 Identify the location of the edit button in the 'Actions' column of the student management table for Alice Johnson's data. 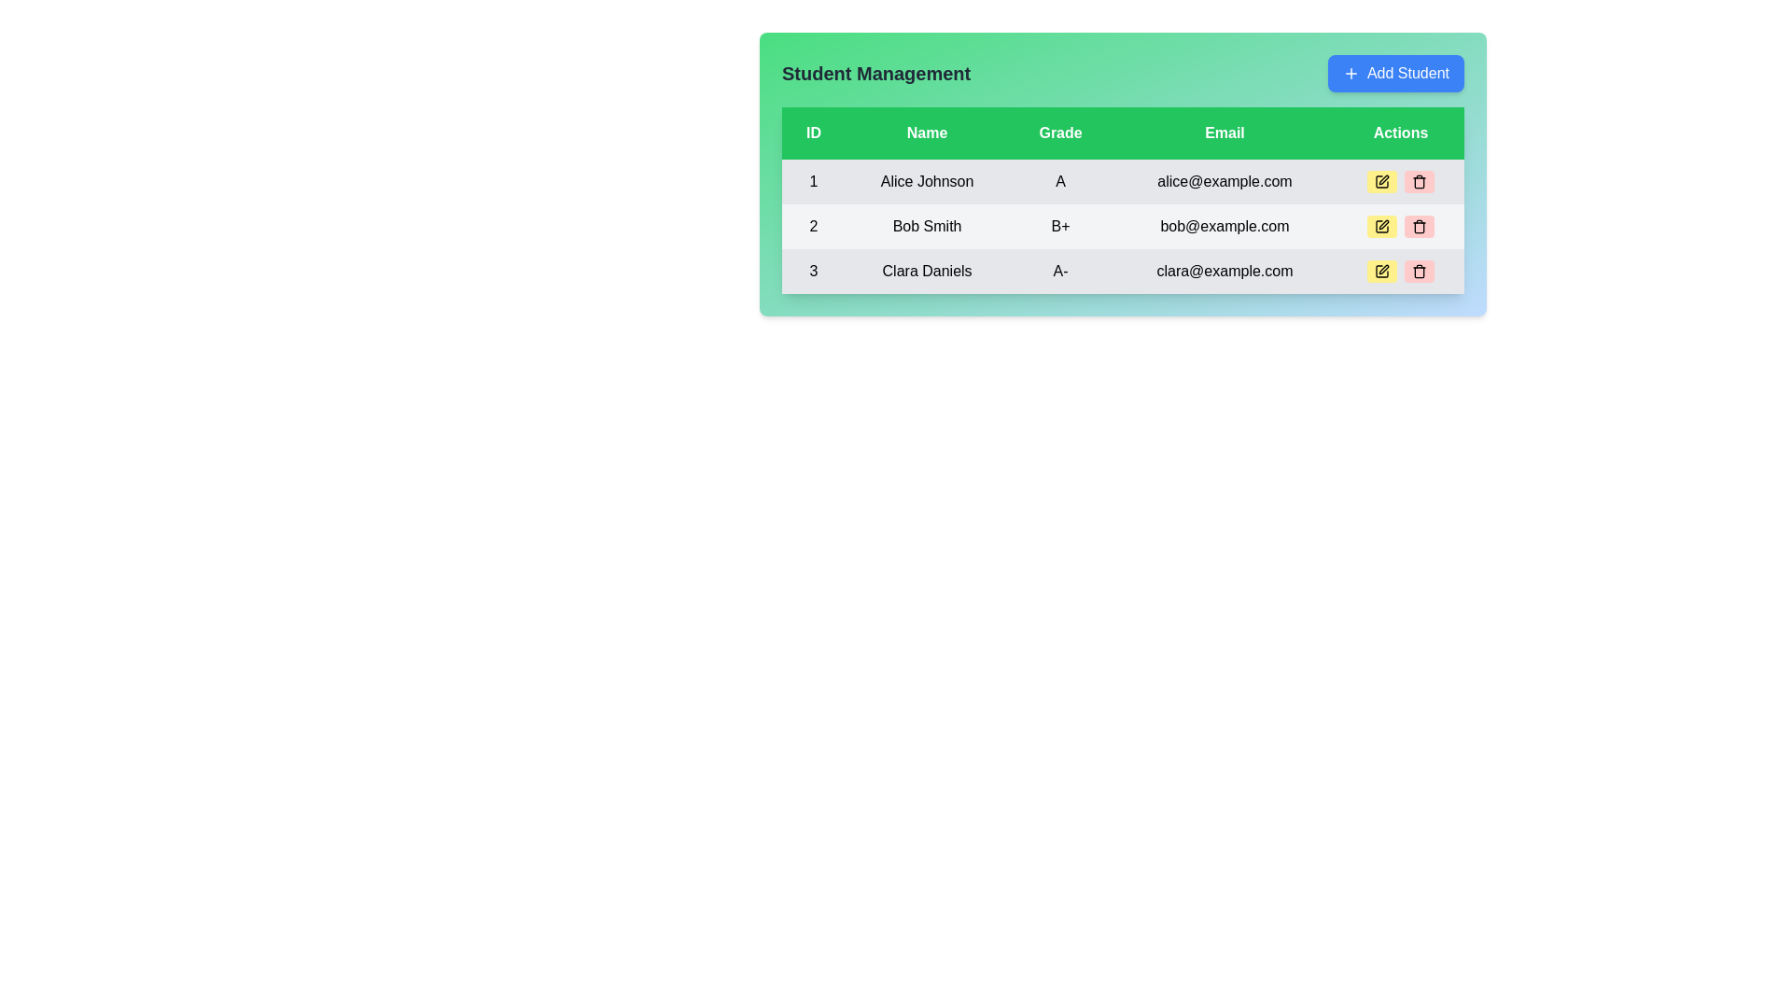
(1381, 182).